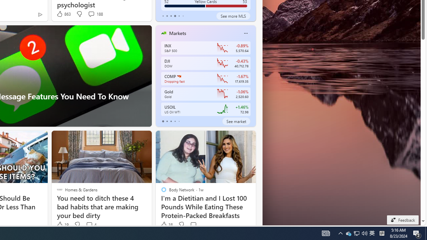  Describe the element at coordinates (171, 121) in the screenshot. I see `'tab-2'` at that location.